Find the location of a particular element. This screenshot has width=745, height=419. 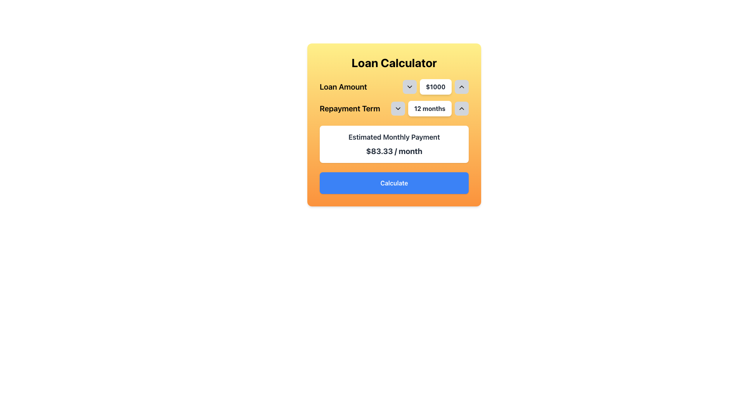

the text display box that shows the selected loan amount, which is located within the 'Loan Calculator' section and has a yellow-orange gradient background is located at coordinates (435, 87).